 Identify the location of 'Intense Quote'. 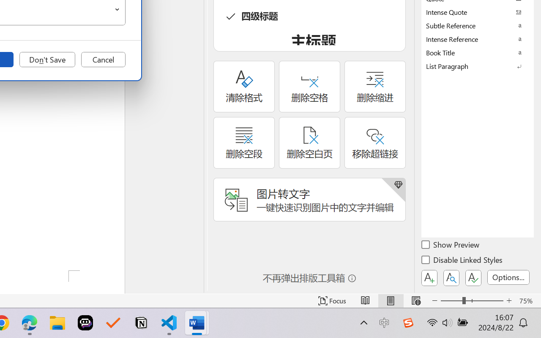
(478, 12).